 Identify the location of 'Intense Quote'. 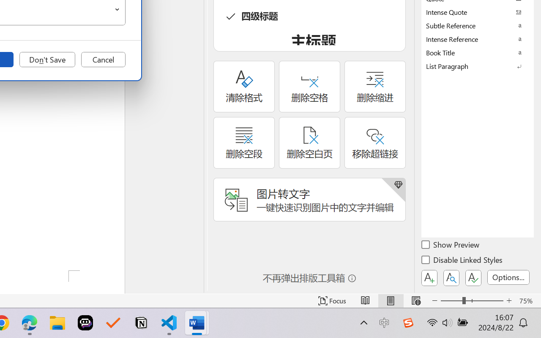
(478, 12).